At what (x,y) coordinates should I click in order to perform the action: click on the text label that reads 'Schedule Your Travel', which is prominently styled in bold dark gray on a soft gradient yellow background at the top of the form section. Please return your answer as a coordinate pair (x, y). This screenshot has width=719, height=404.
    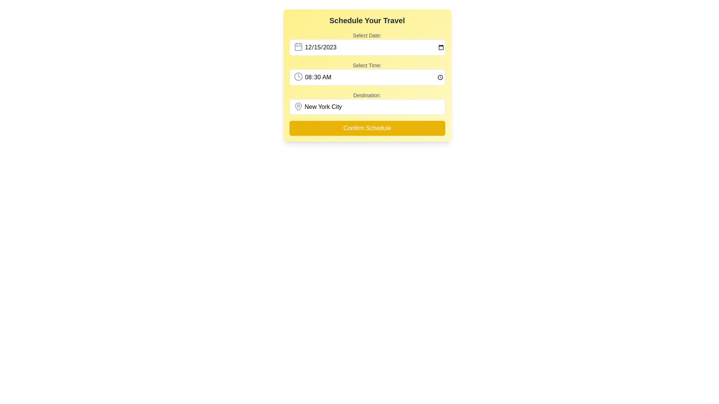
    Looking at the image, I should click on (367, 20).